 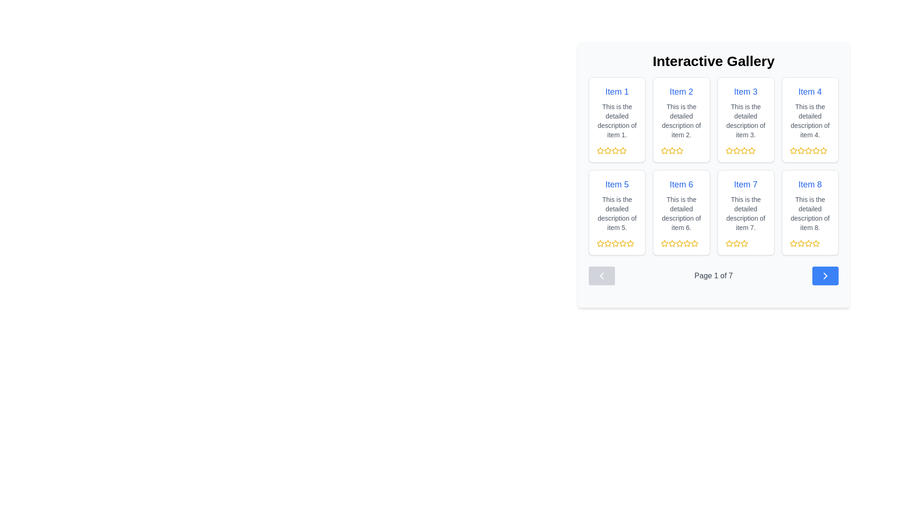 What do you see at coordinates (681, 184) in the screenshot?
I see `the 'Item 6' header located in the second row, third column of a 2x4 grid layout of cards for further interaction` at bounding box center [681, 184].